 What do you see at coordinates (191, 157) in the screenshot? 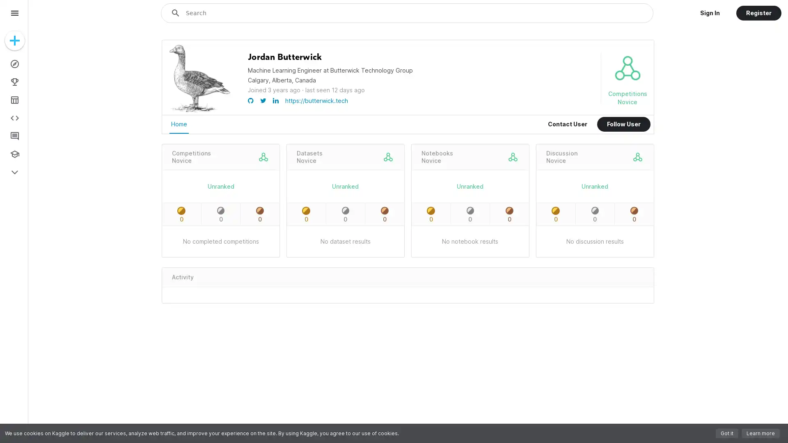
I see `Competitions Novice` at bounding box center [191, 157].